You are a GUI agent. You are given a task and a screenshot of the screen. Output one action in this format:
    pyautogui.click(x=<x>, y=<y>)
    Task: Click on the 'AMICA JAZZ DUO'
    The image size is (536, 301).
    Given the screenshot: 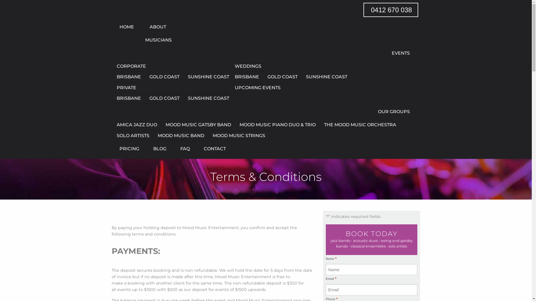 What is the action you would take?
    pyautogui.click(x=137, y=125)
    